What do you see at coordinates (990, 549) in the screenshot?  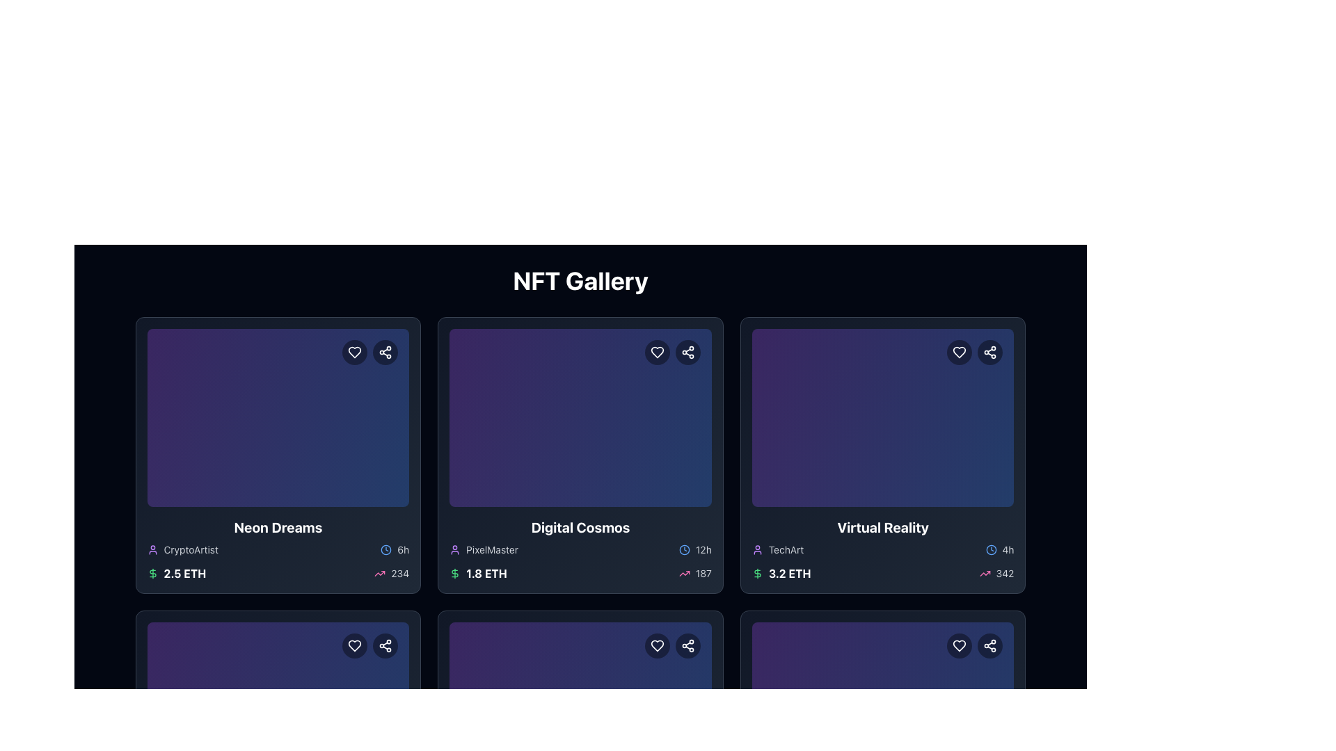 I see `the circle within the clock icon, which is part of the 'Virtual Reality' card located at the top-right corner of its time label` at bounding box center [990, 549].